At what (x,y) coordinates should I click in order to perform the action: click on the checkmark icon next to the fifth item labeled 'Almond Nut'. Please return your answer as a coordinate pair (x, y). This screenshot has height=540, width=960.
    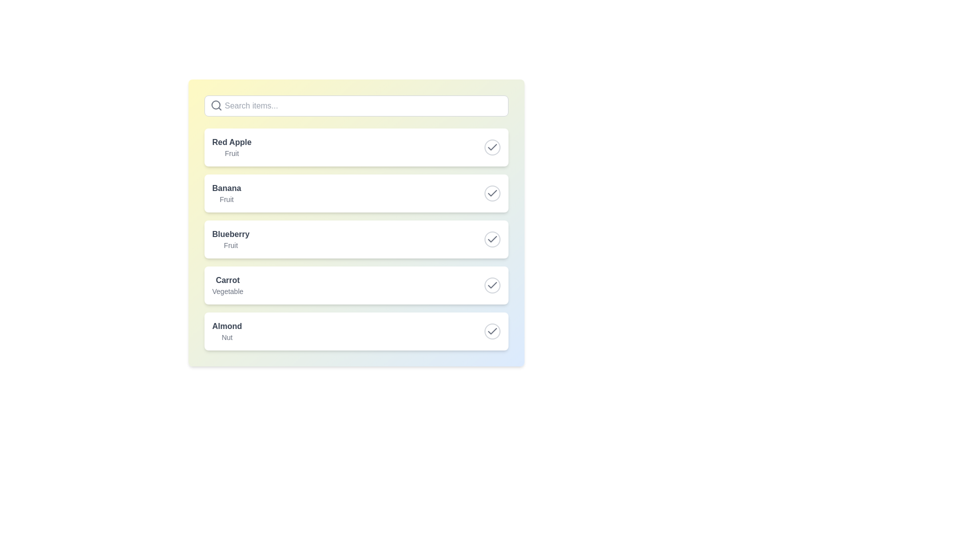
    Looking at the image, I should click on (492, 331).